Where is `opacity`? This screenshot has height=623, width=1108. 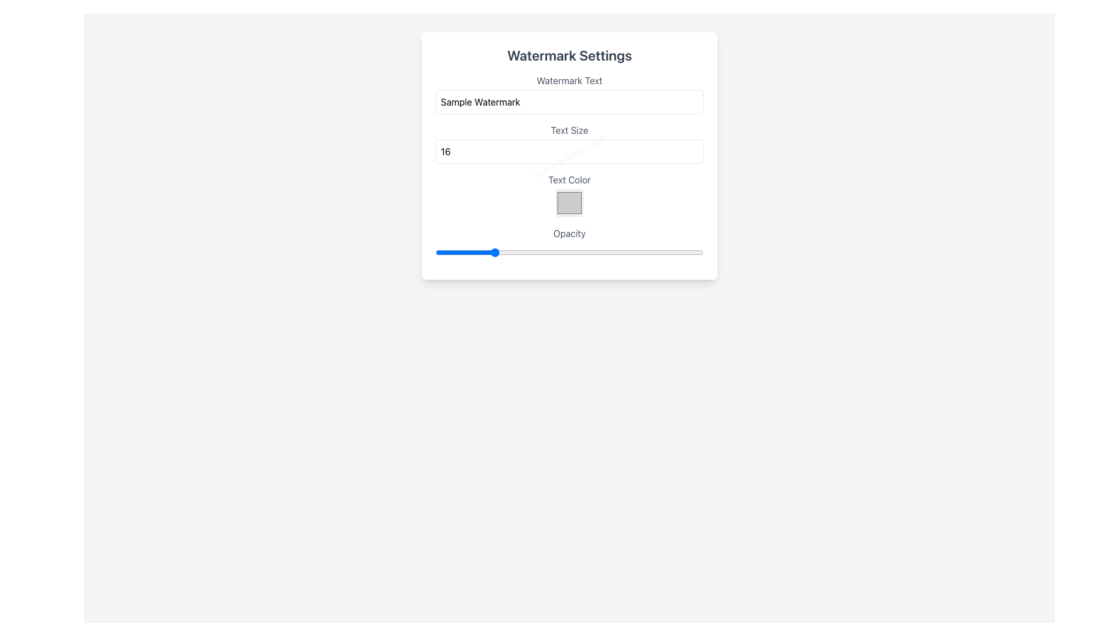
opacity is located at coordinates (435, 252).